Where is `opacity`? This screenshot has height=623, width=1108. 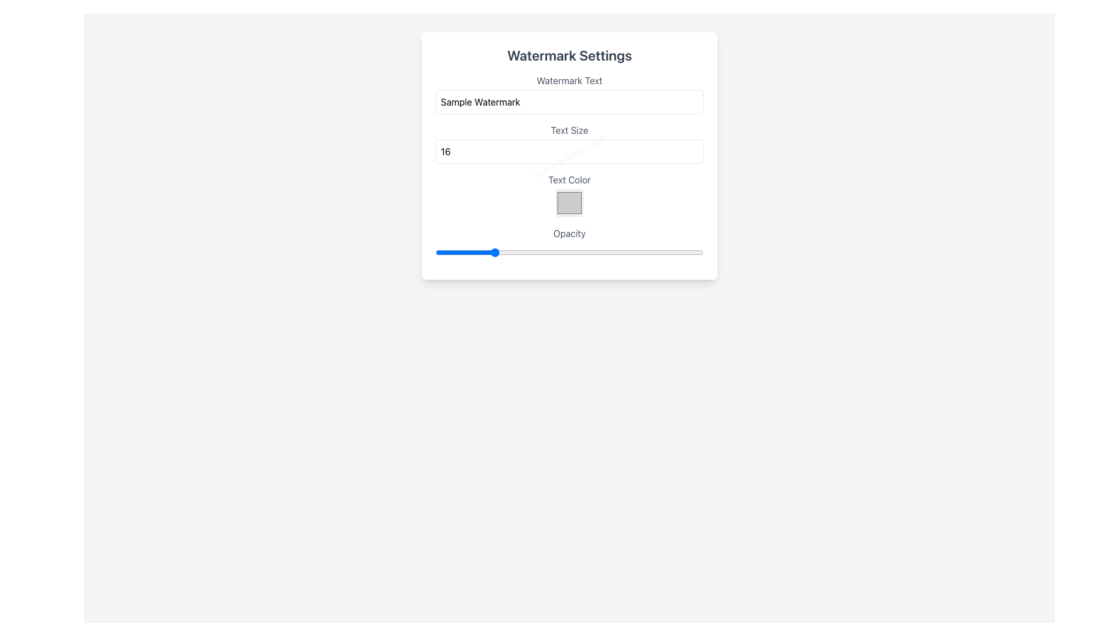
opacity is located at coordinates (435, 252).